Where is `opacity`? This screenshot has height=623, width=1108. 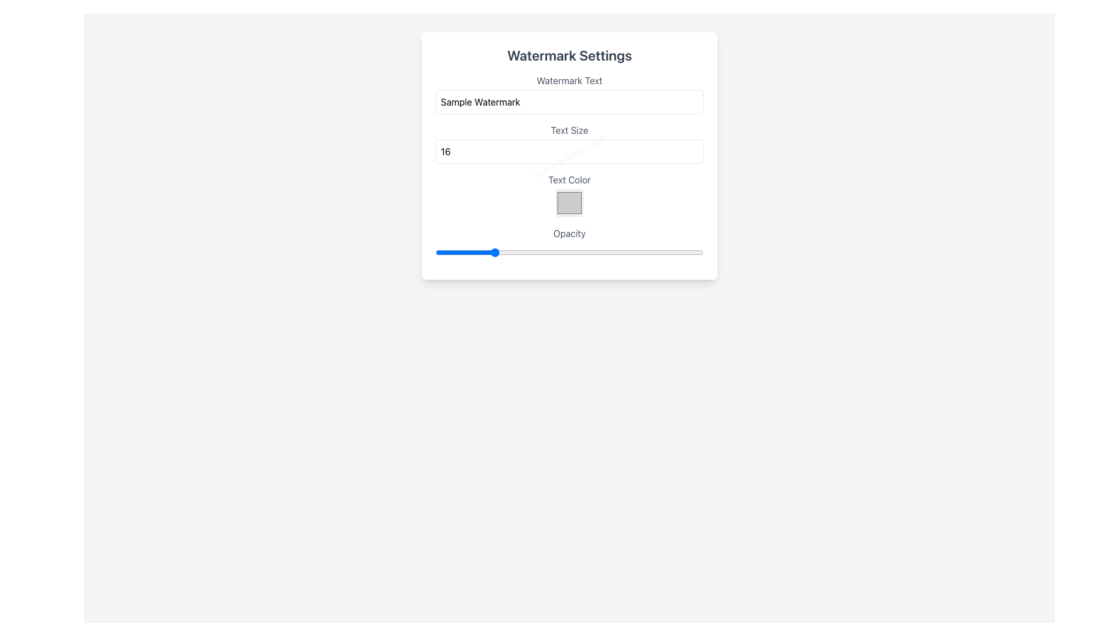
opacity is located at coordinates (435, 252).